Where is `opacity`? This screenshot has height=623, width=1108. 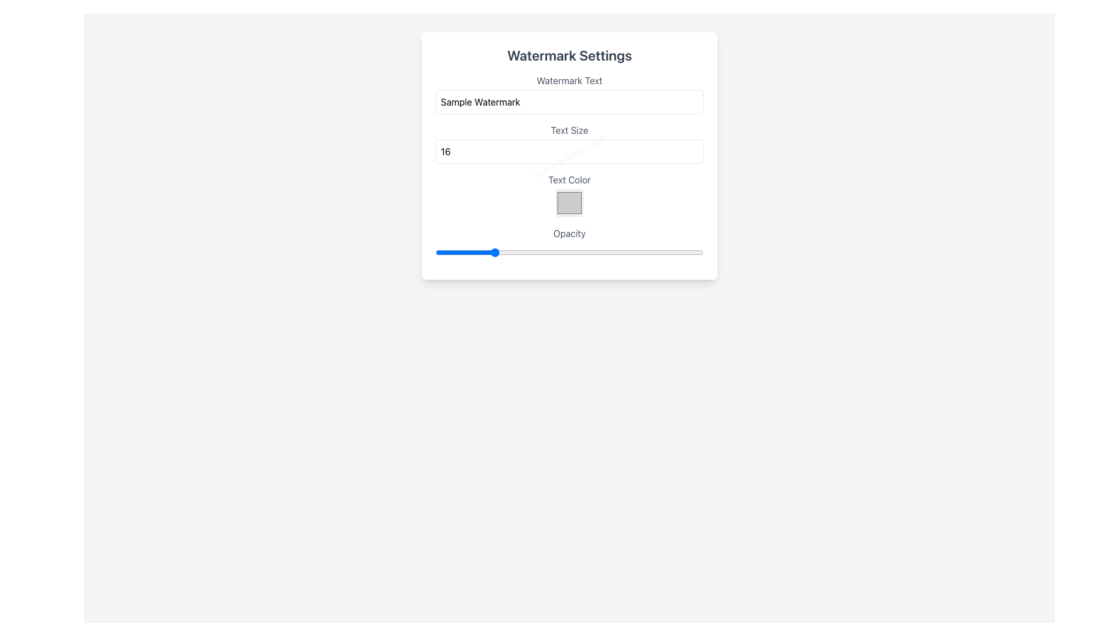
opacity is located at coordinates (435, 252).